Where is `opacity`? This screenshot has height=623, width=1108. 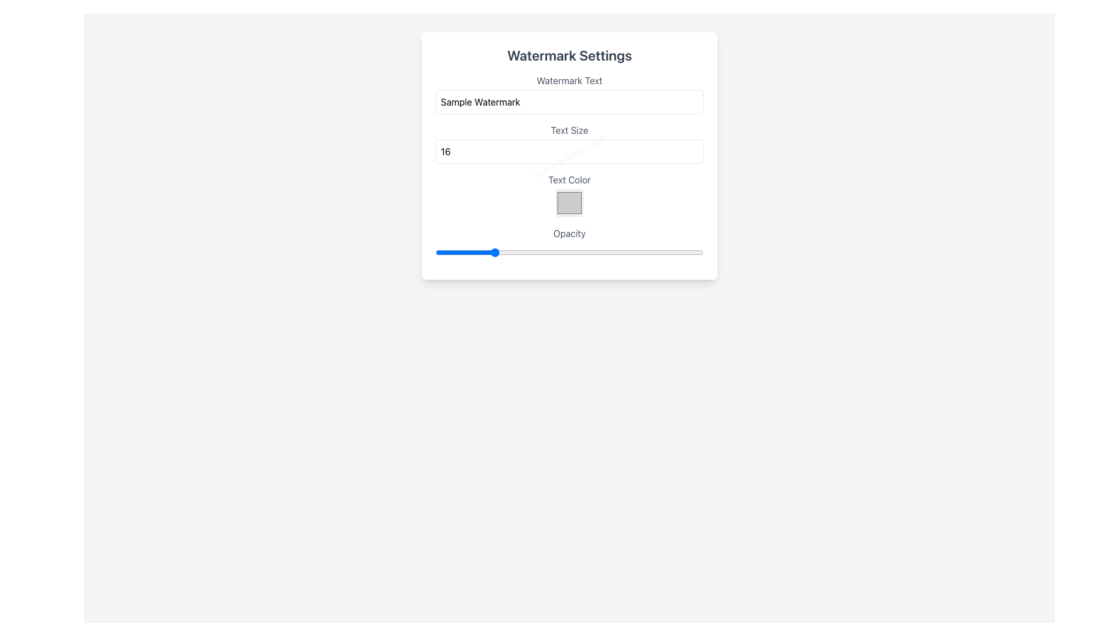
opacity is located at coordinates (435, 252).